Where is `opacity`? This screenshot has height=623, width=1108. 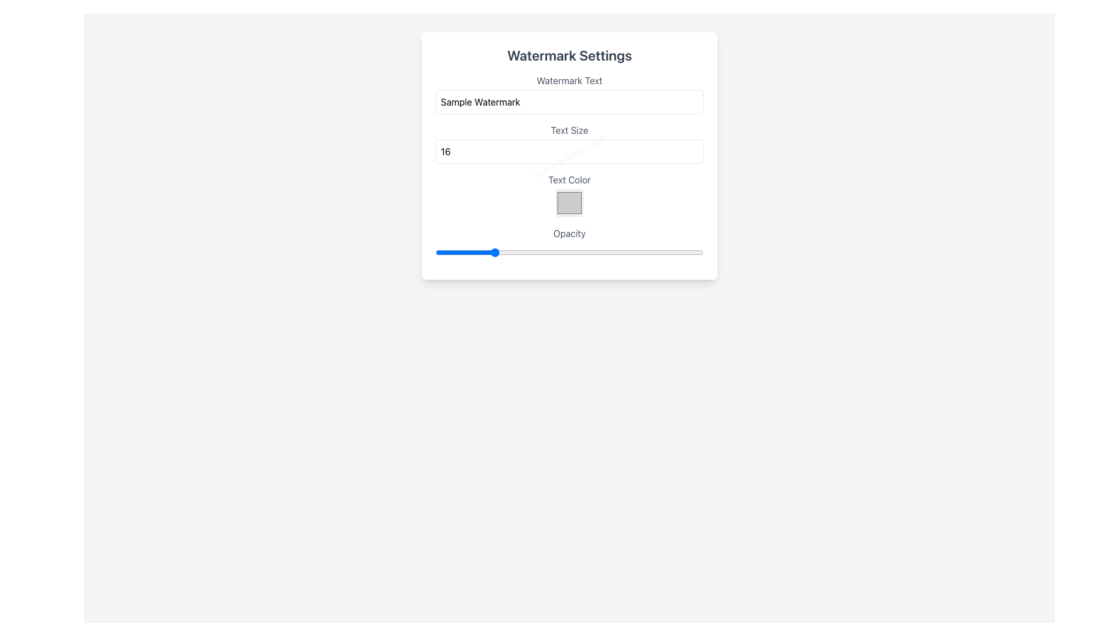
opacity is located at coordinates (435, 252).